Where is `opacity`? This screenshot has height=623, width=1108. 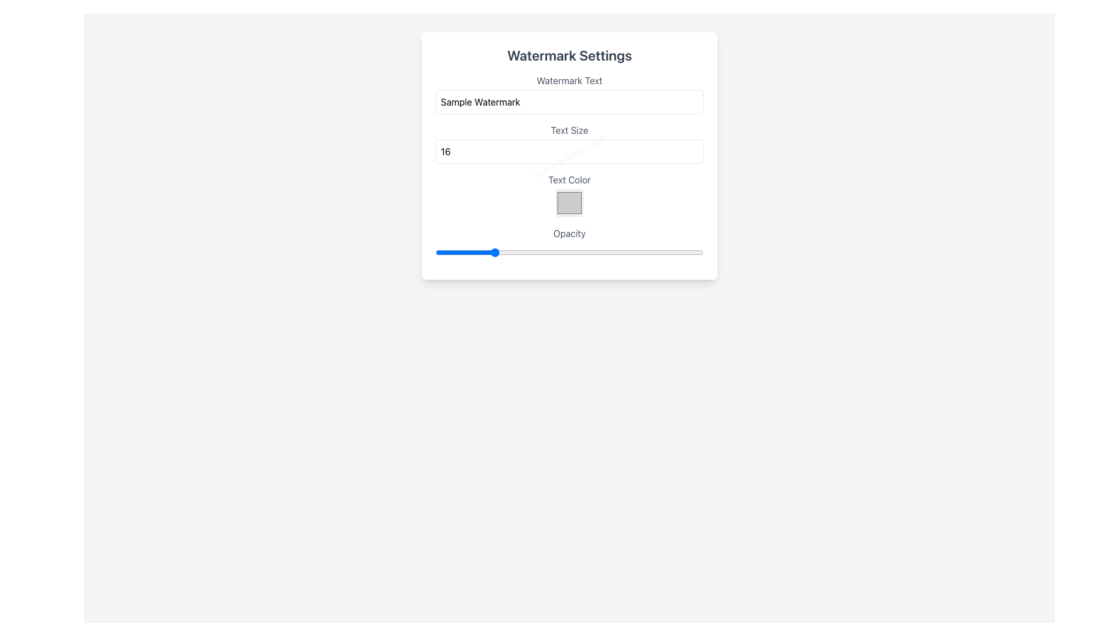
opacity is located at coordinates (435, 252).